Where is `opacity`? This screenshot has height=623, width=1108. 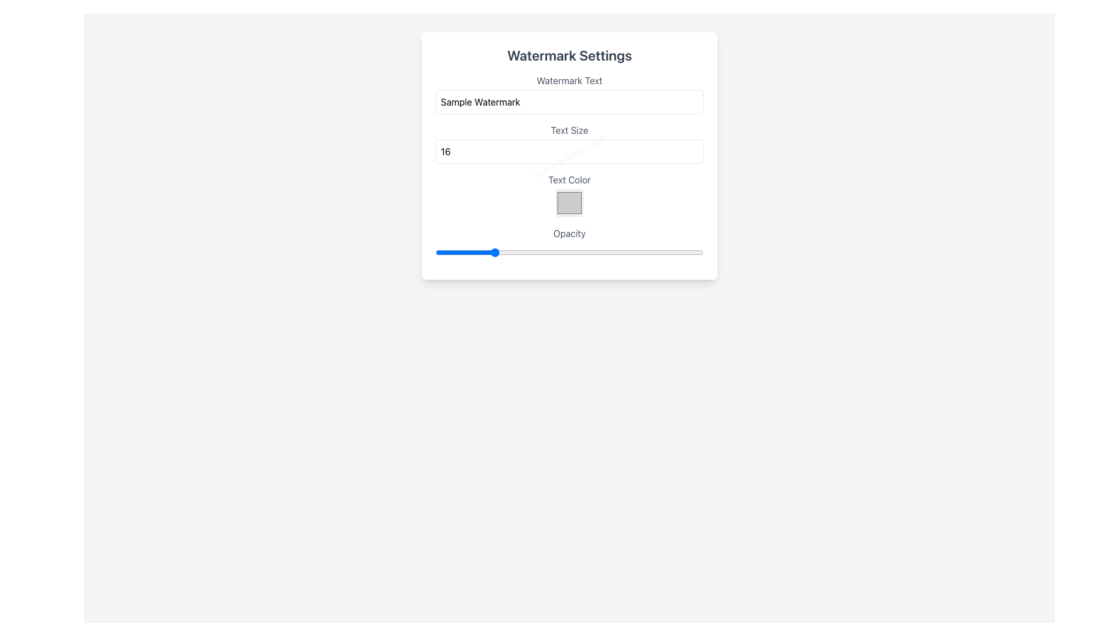
opacity is located at coordinates (435, 252).